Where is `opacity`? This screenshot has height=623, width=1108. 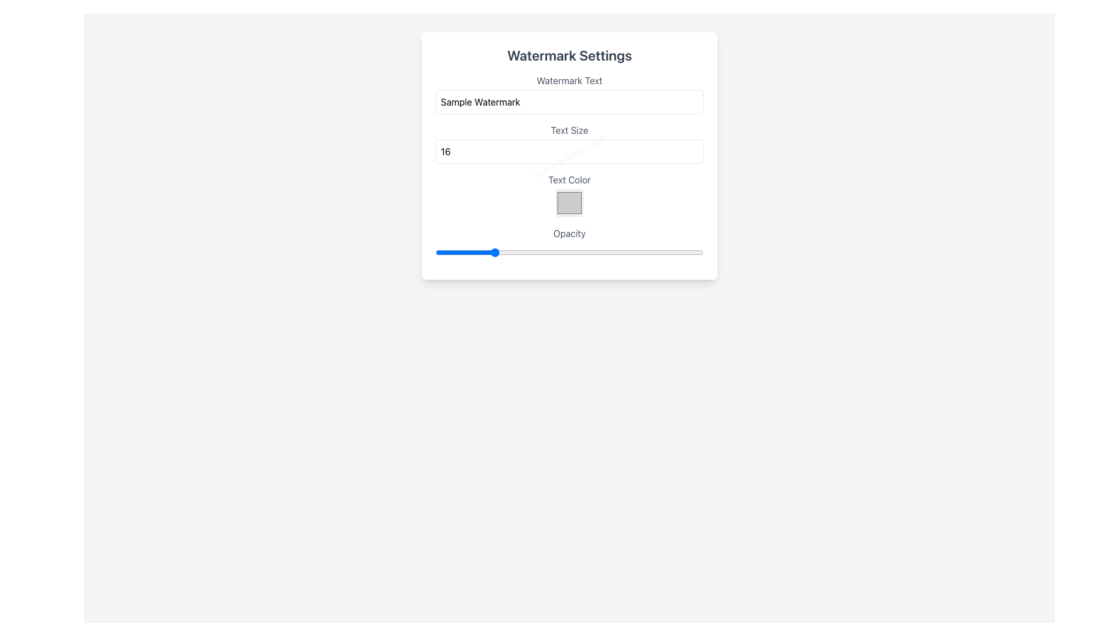
opacity is located at coordinates (435, 252).